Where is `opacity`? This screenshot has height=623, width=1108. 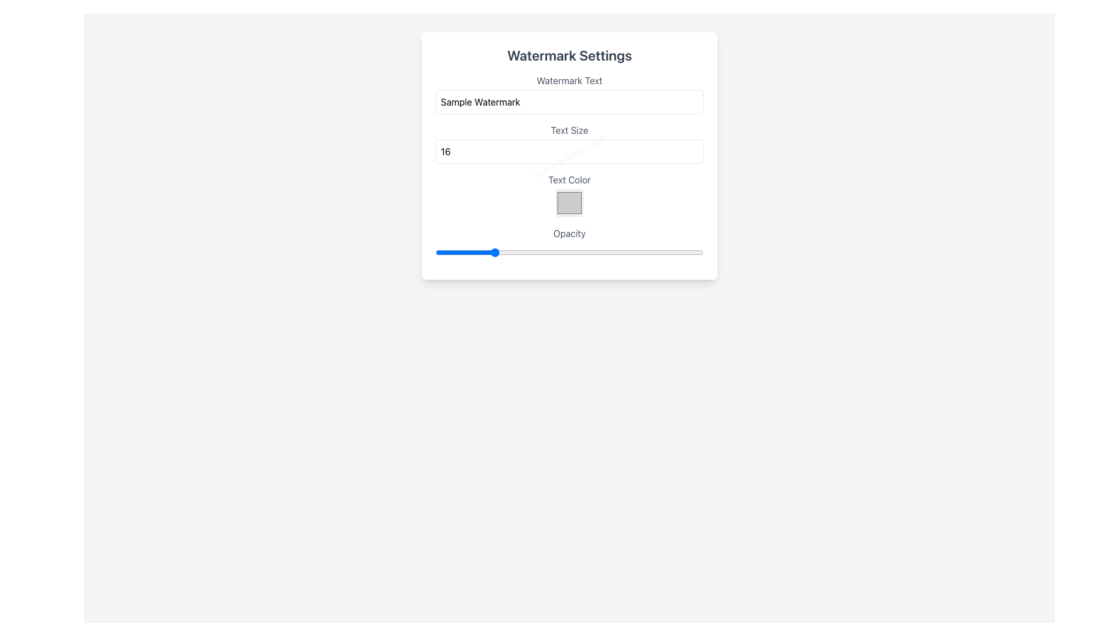
opacity is located at coordinates (435, 252).